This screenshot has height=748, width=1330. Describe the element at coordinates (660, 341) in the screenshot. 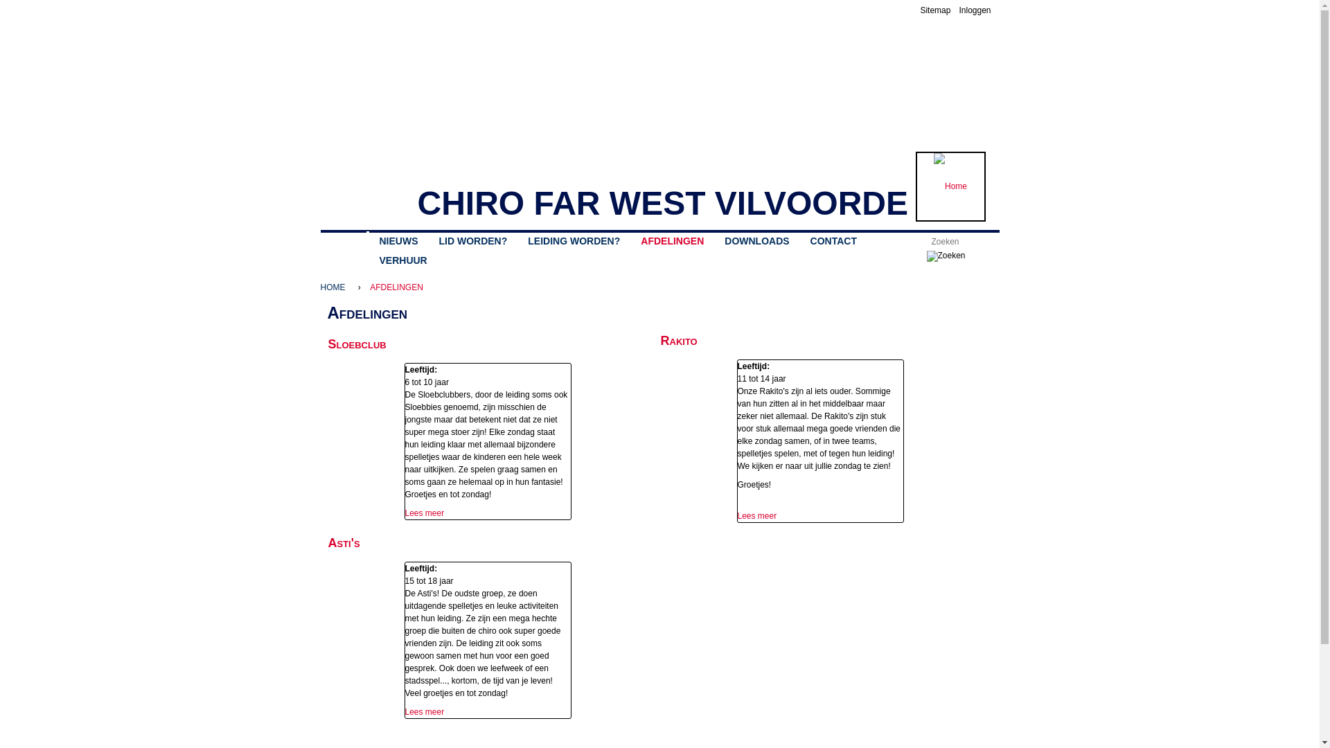

I see `'Rakito'` at that location.